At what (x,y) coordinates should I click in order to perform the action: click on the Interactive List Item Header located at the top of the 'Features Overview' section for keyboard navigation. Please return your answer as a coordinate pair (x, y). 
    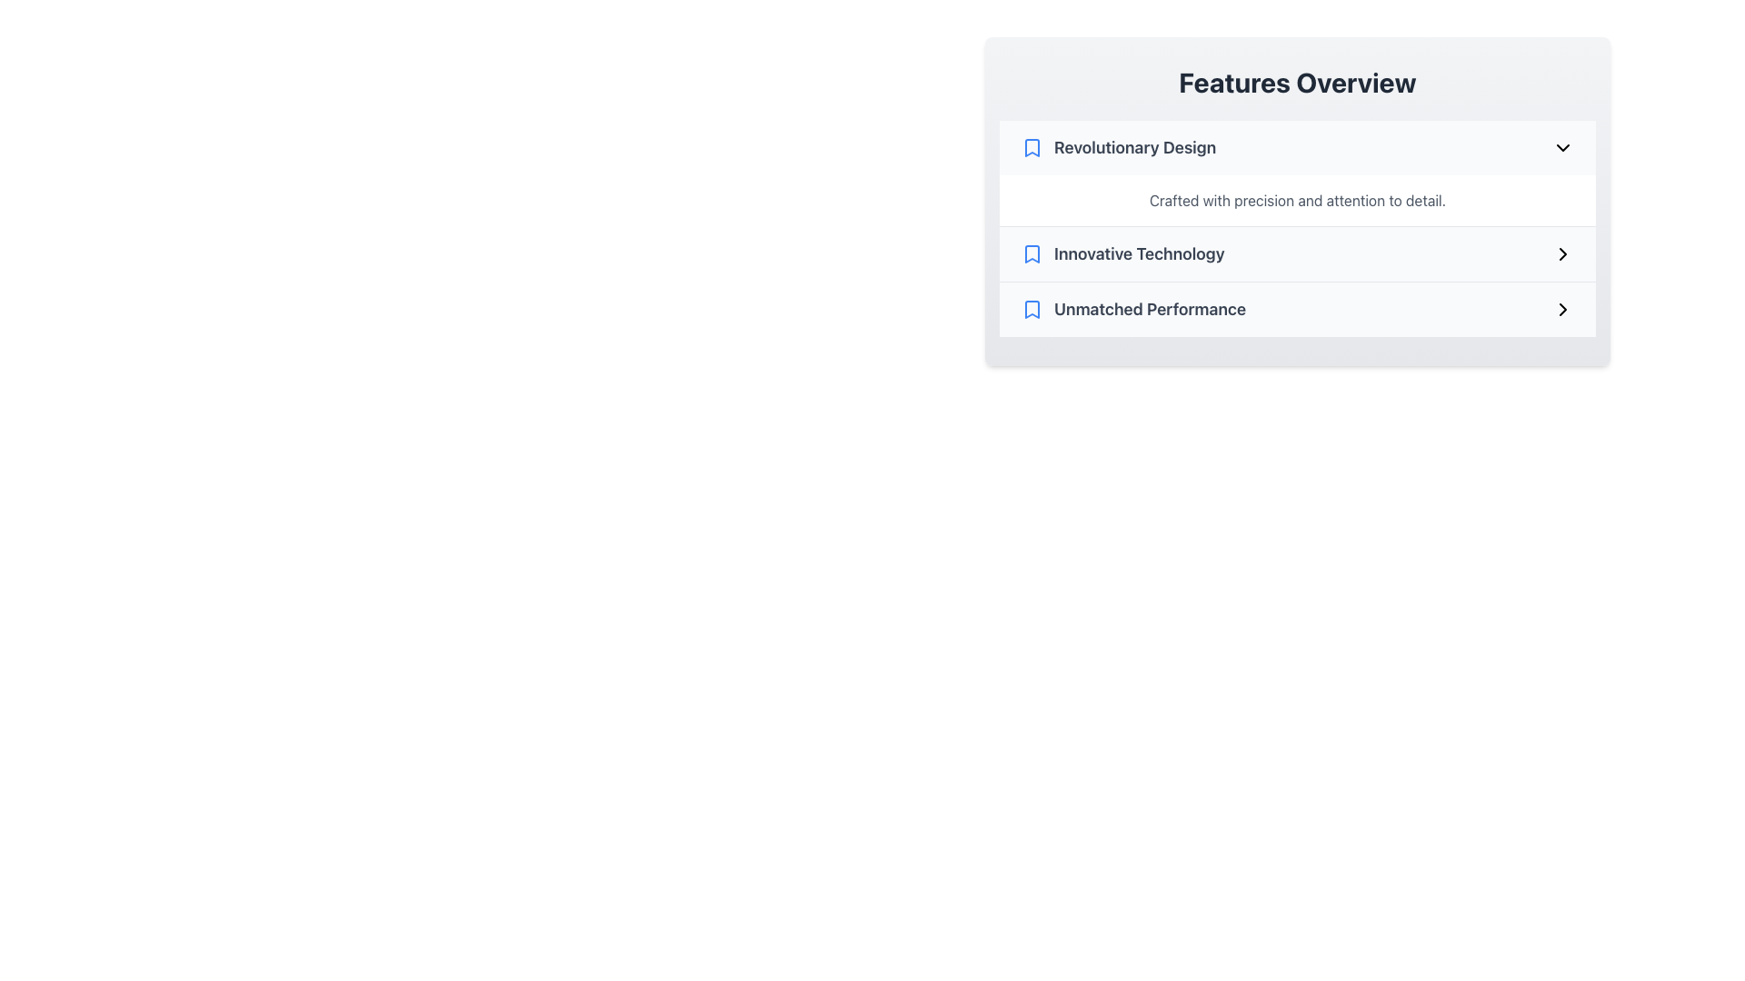
    Looking at the image, I should click on (1297, 146).